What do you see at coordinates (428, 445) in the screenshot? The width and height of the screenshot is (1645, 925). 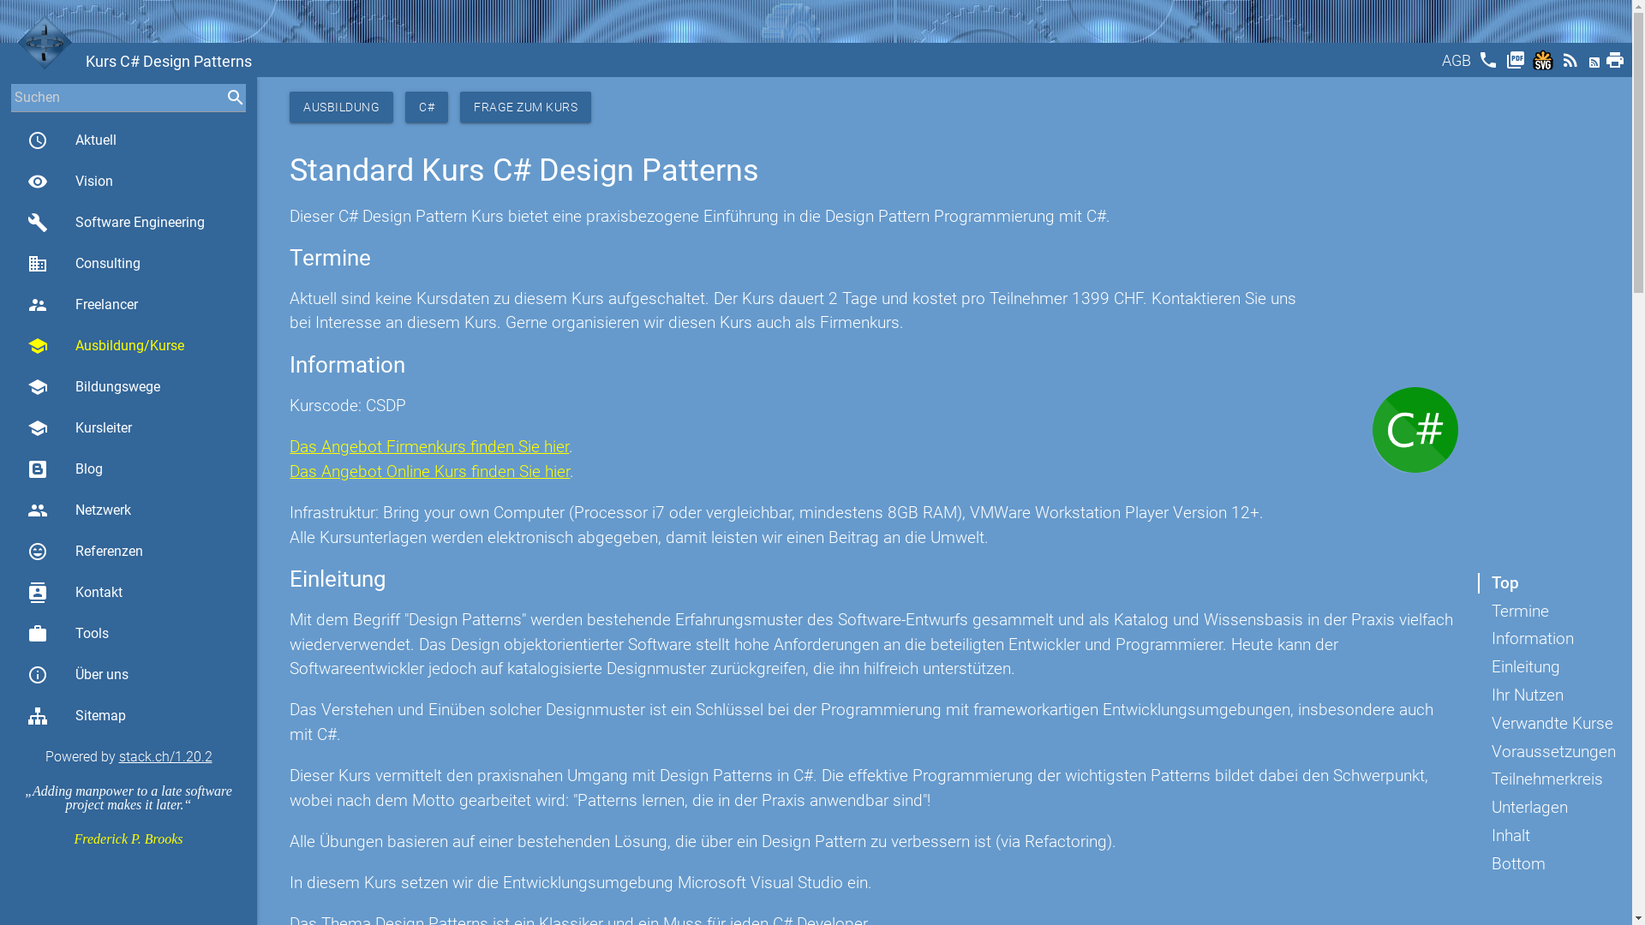 I see `'Das Angebot Firmenkurs finden Sie hier'` at bounding box center [428, 445].